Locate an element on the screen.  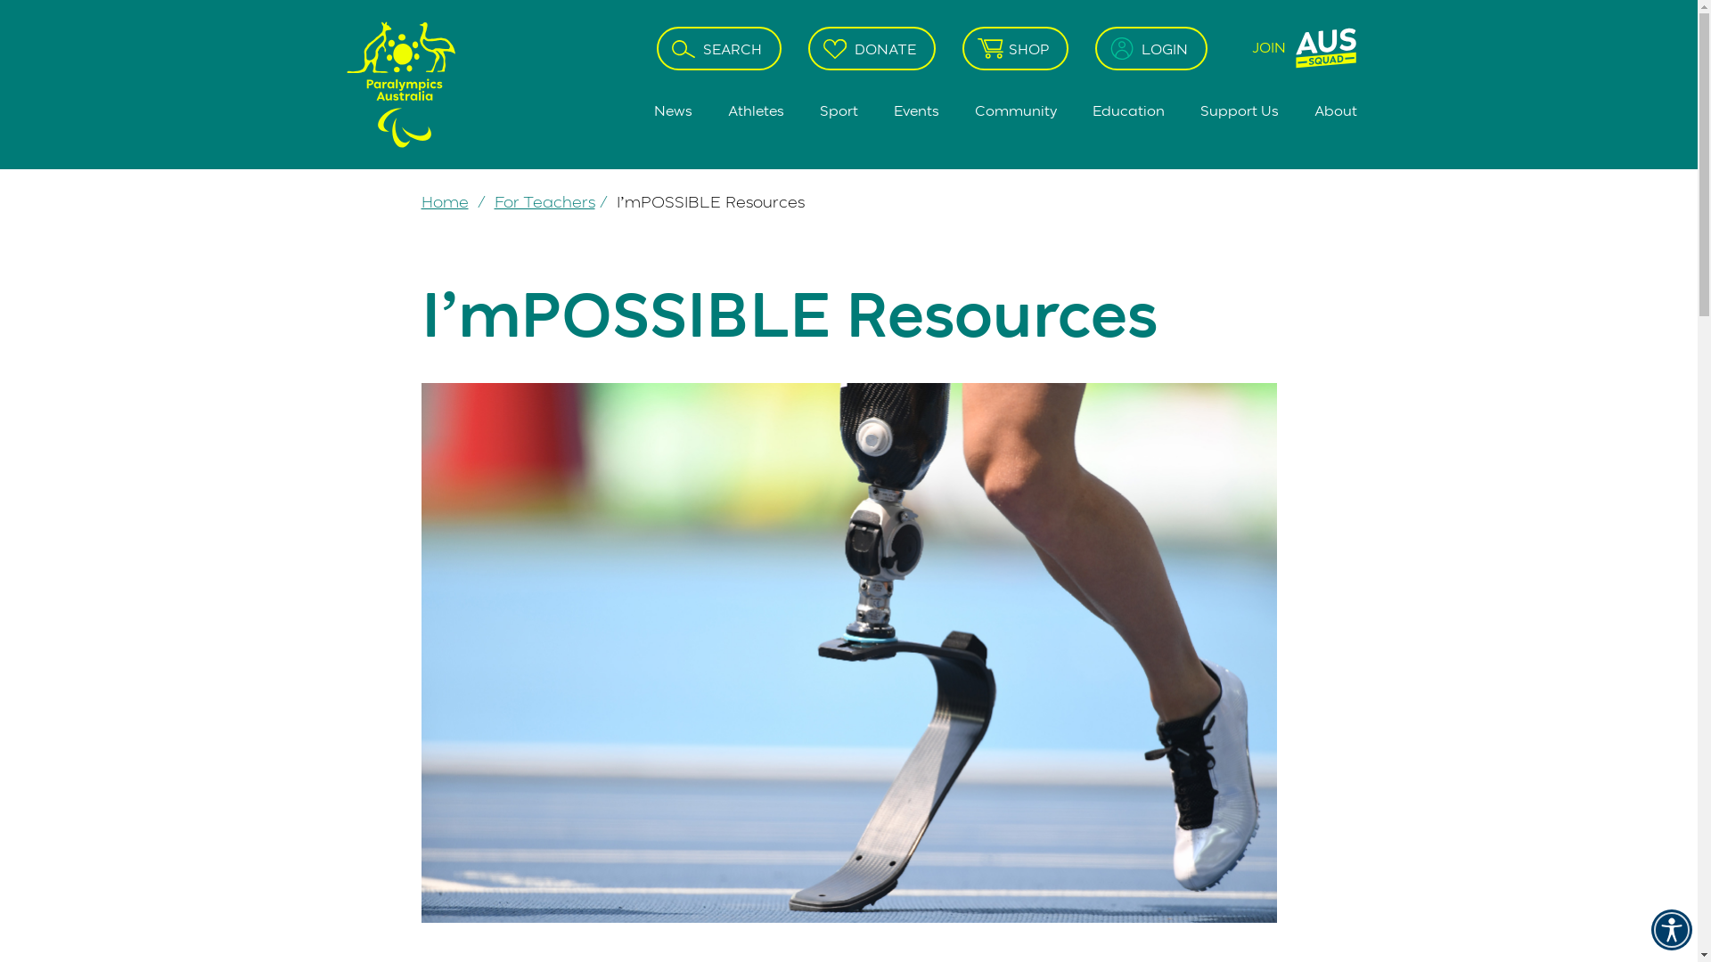
'DONATE' is located at coordinates (872, 47).